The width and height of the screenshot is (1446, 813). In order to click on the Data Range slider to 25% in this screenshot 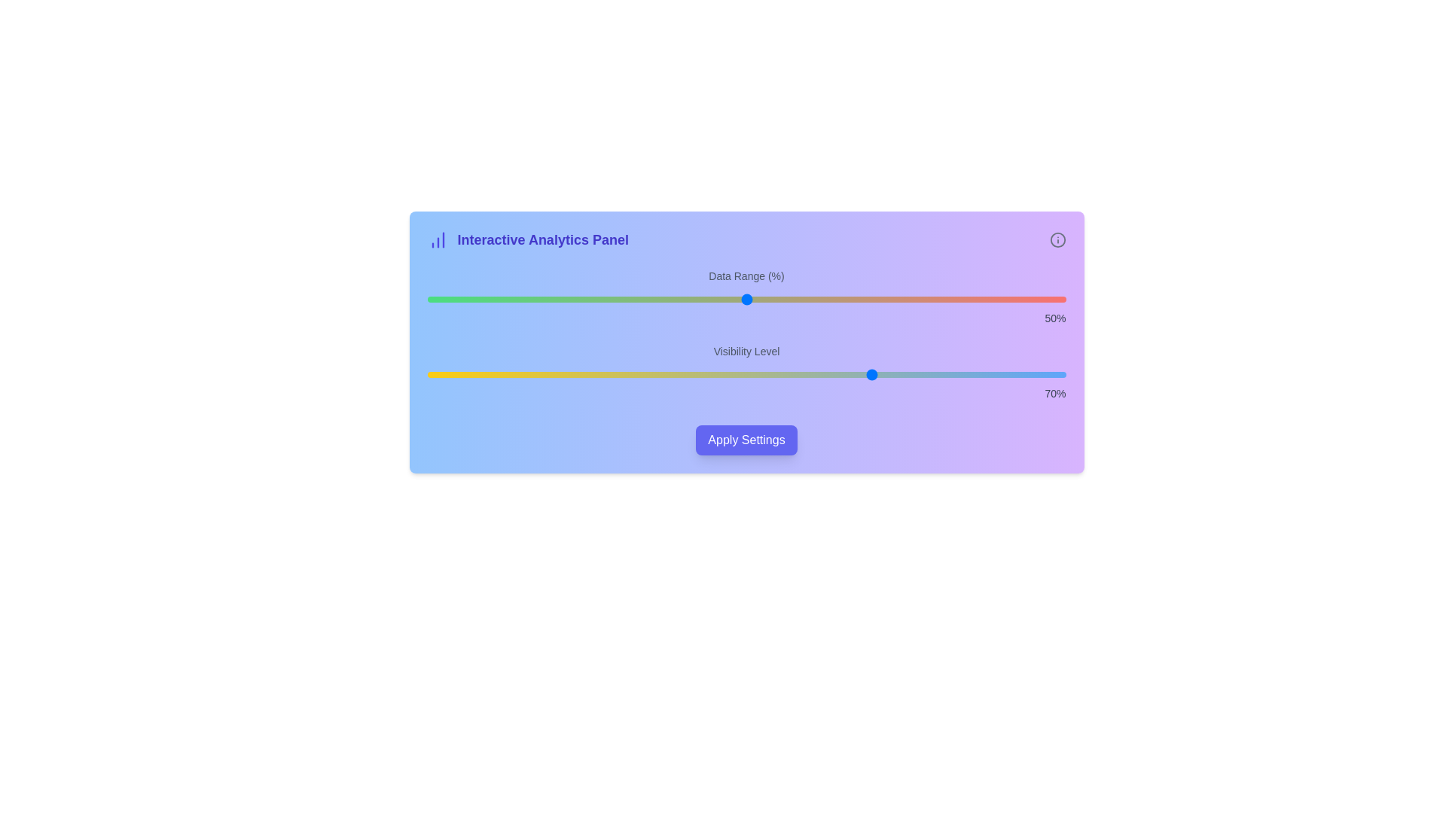, I will do `click(586, 299)`.